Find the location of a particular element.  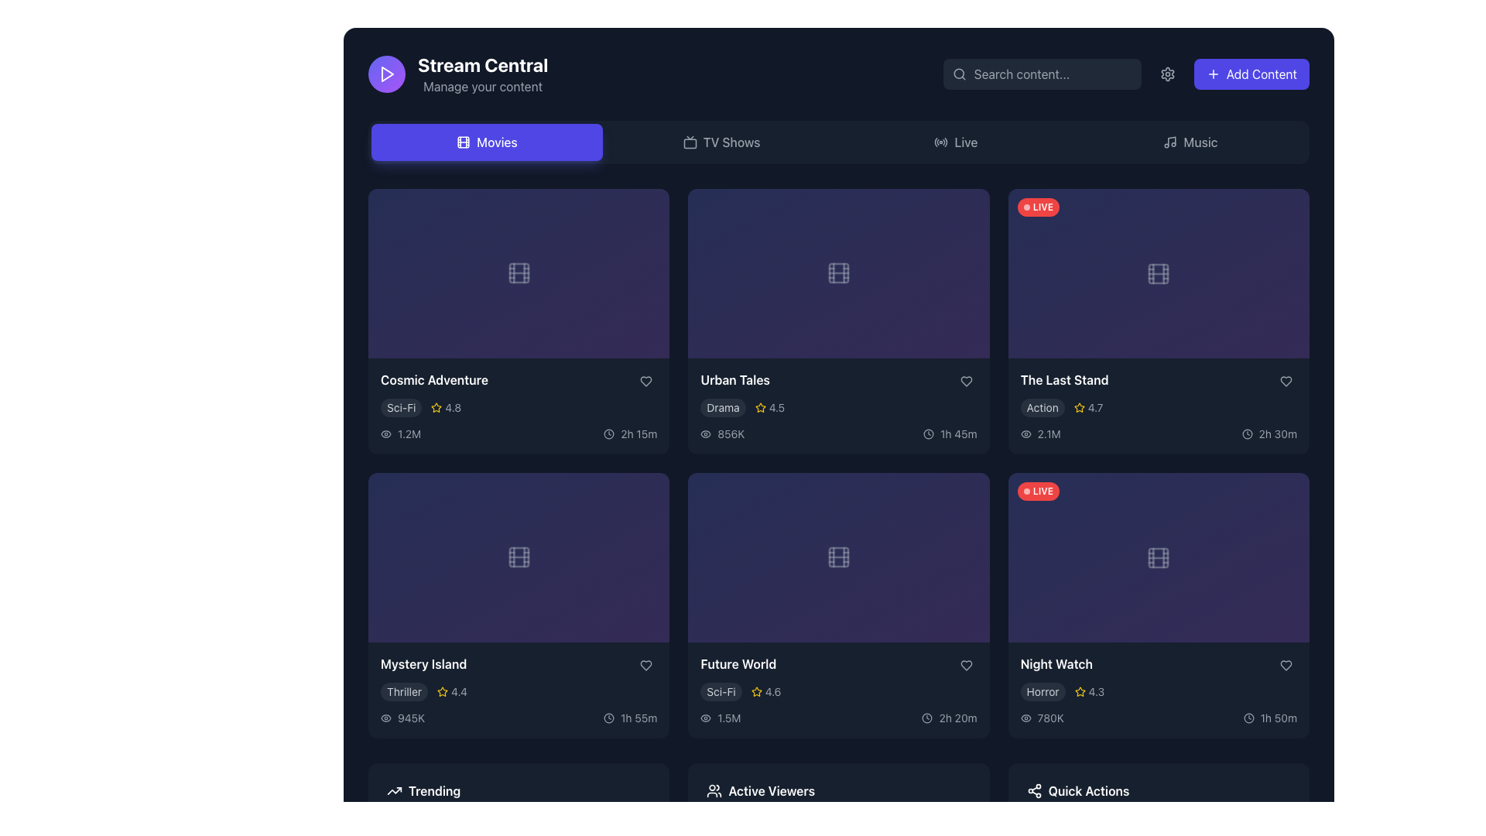

the label with an icon that displays the duration of the content in the bottom-right corner of the 'Mystery Island' card is located at coordinates (630, 718).